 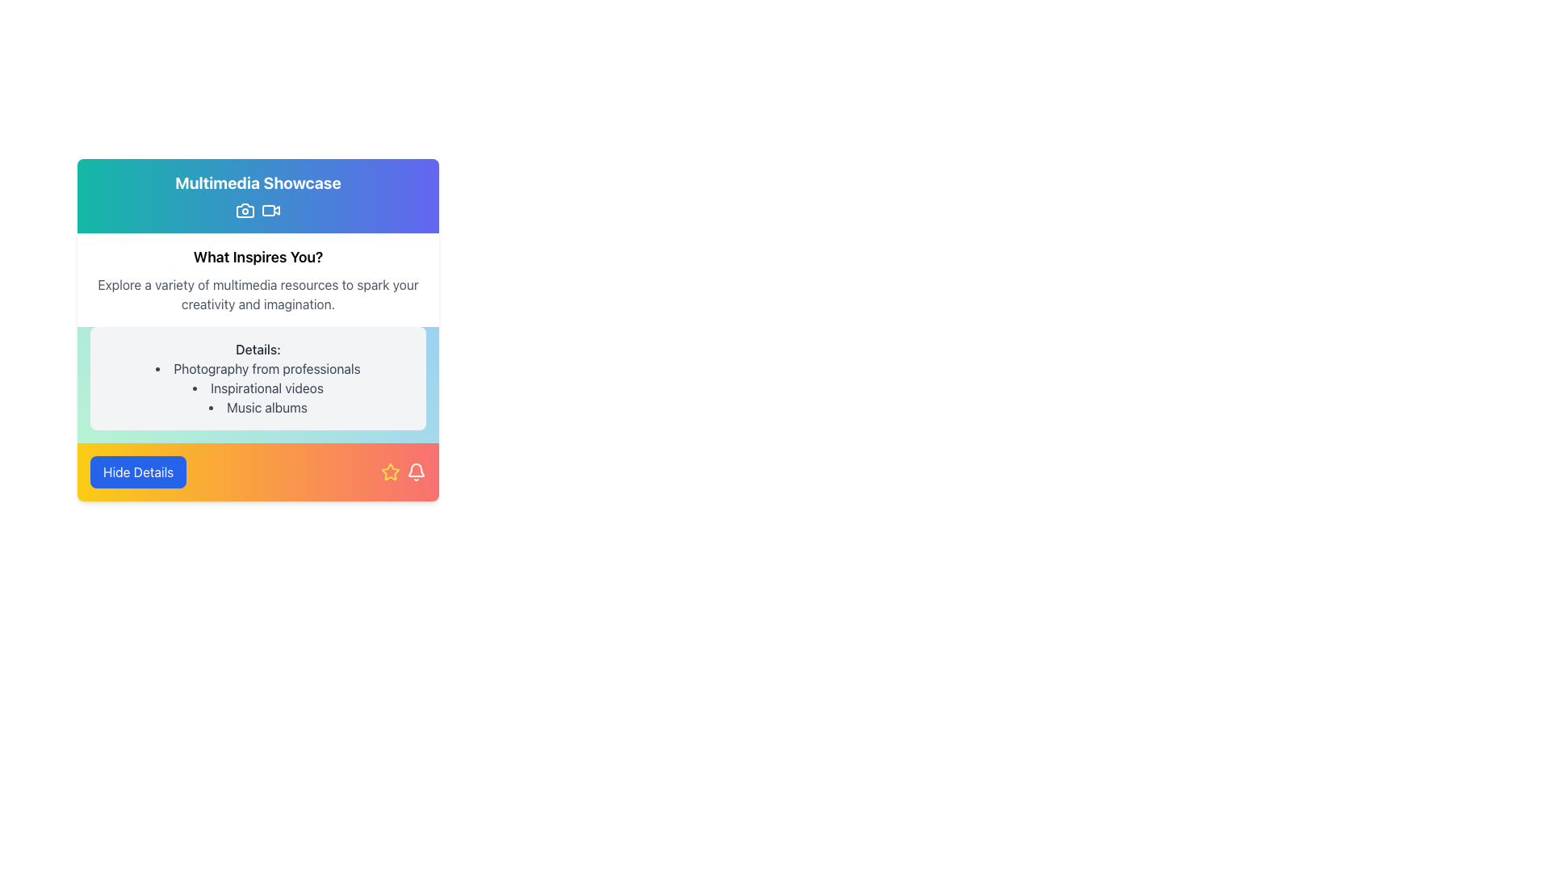 I want to click on the camera icon button located in the multimedia options row beneath the 'Multimedia Showcase' title to interact with it, so click(x=244, y=210).